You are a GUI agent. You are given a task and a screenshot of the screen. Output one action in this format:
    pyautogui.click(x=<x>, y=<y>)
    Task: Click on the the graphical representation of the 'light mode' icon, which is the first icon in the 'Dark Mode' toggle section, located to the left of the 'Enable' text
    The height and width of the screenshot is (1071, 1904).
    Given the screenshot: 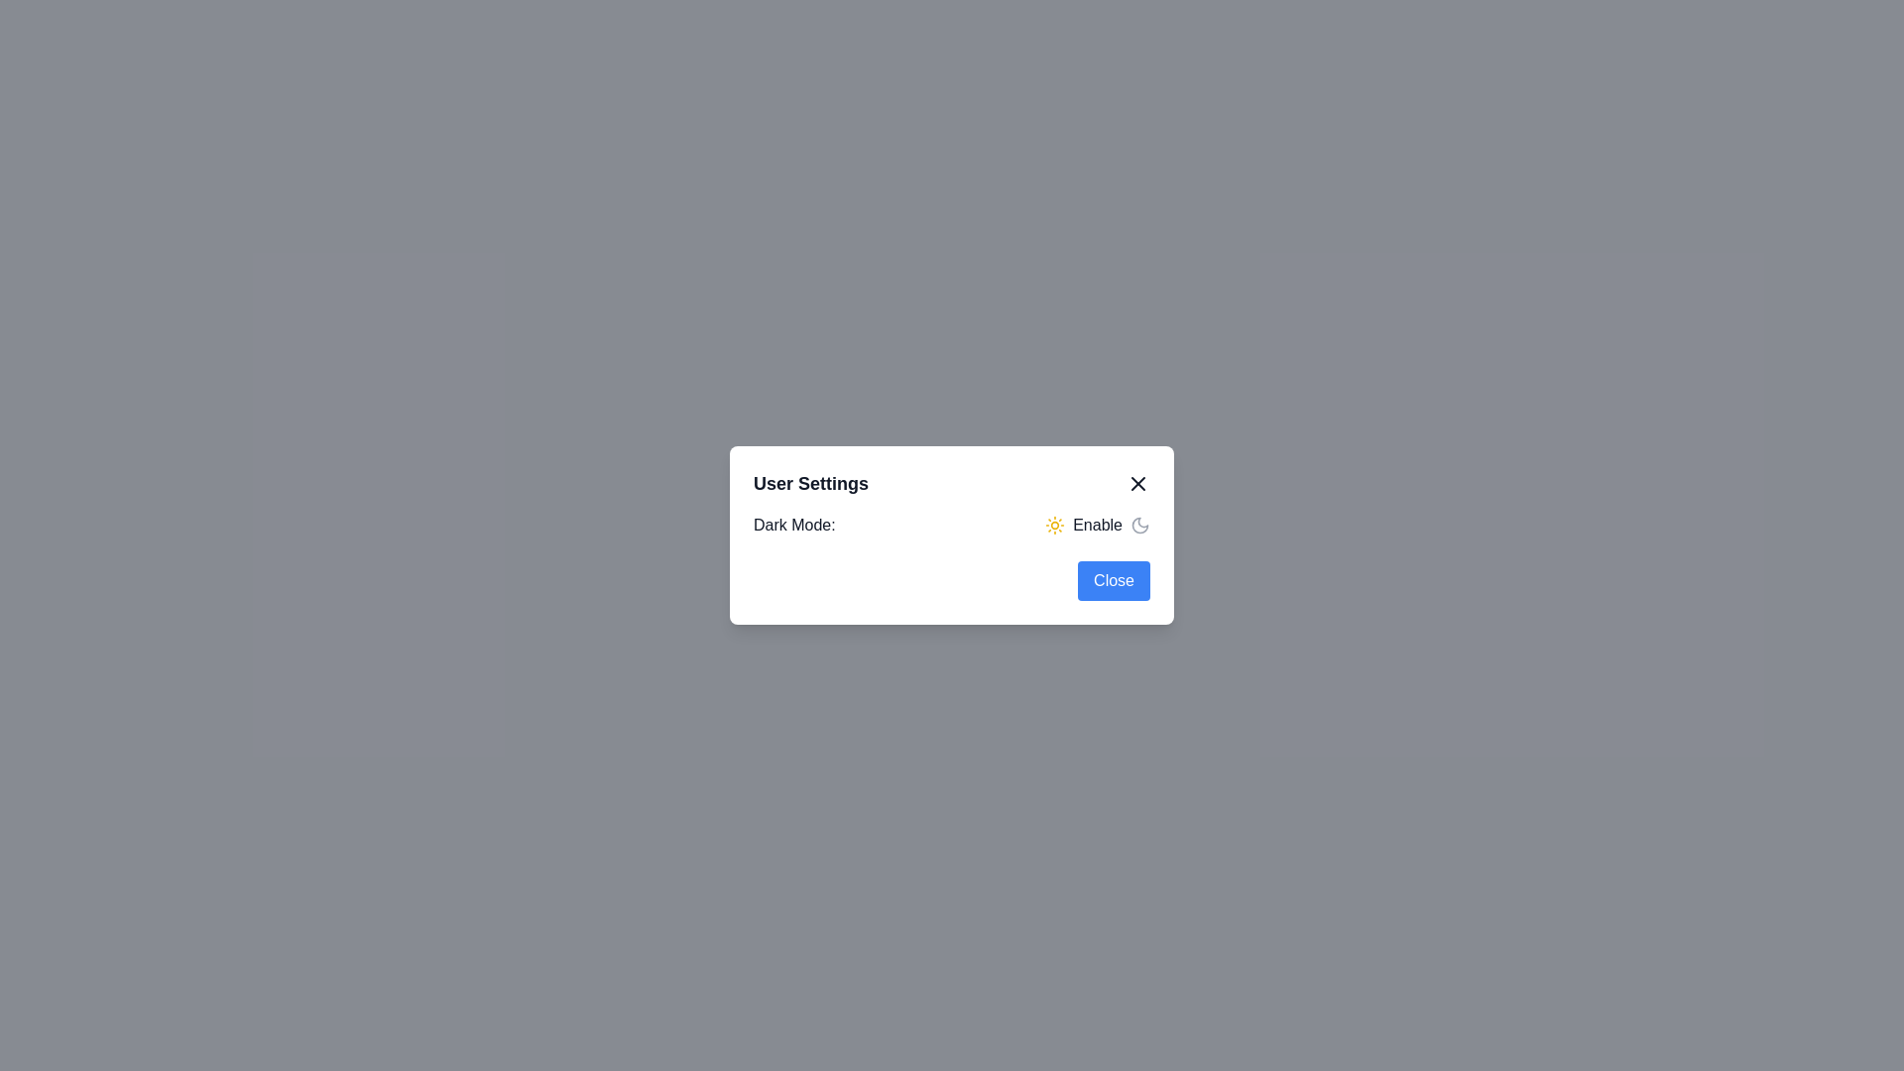 What is the action you would take?
    pyautogui.click(x=1054, y=524)
    